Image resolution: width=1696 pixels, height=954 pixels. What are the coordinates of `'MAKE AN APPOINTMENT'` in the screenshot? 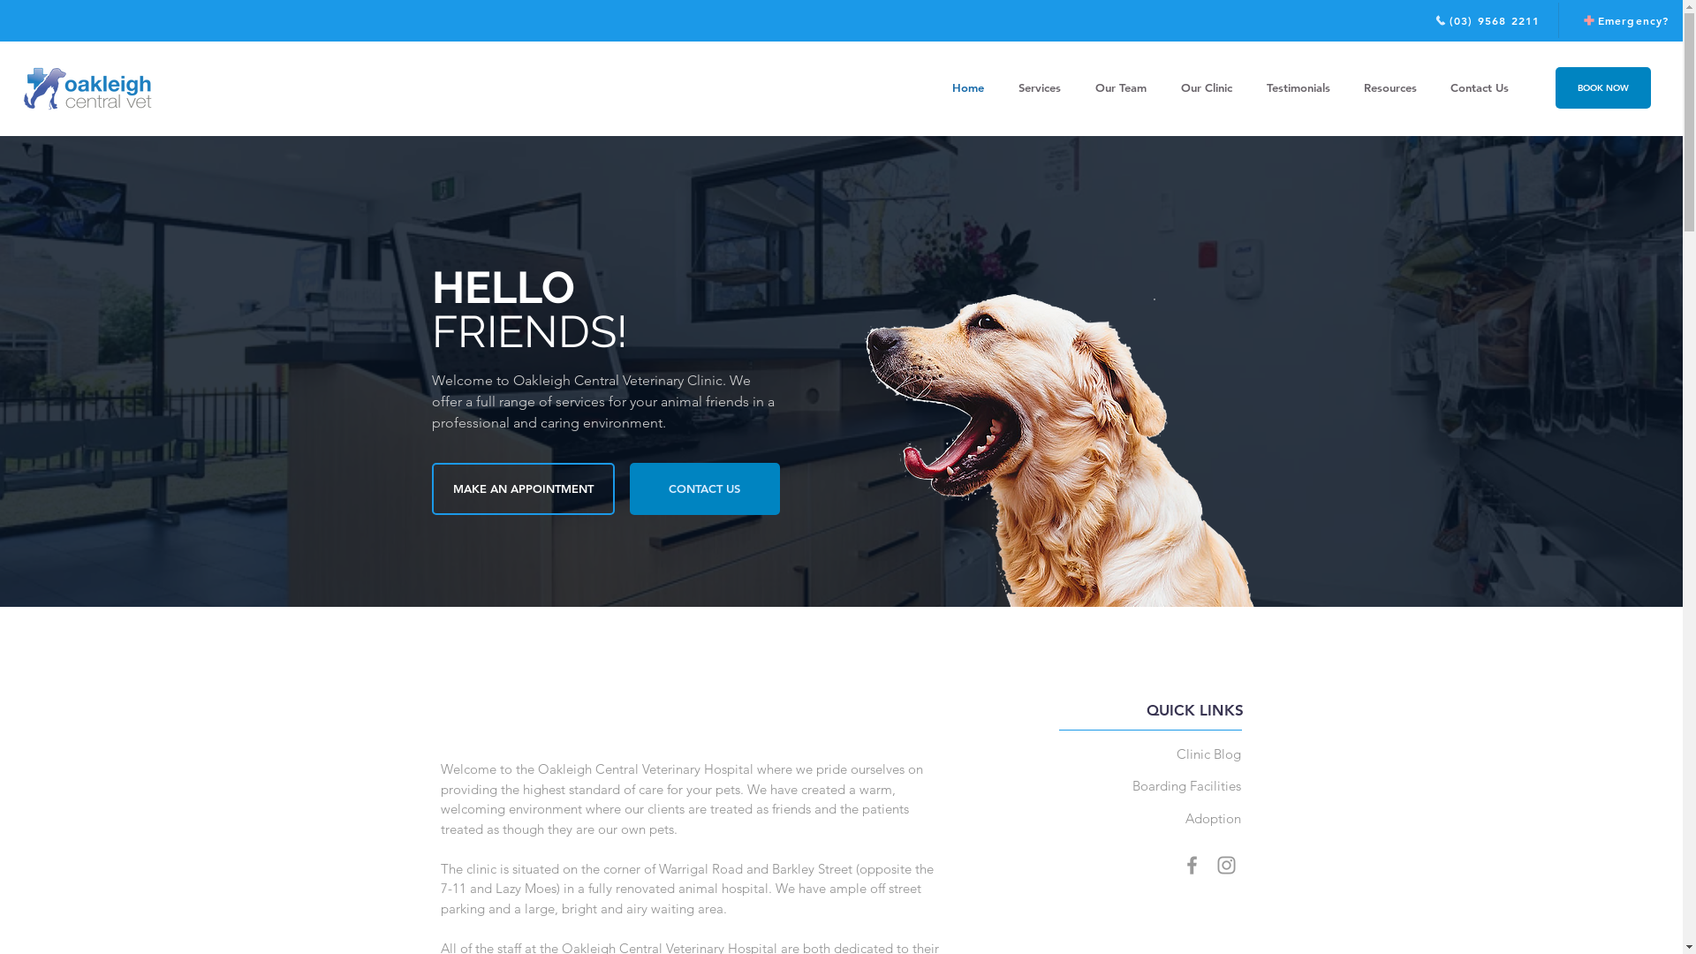 It's located at (521, 488).